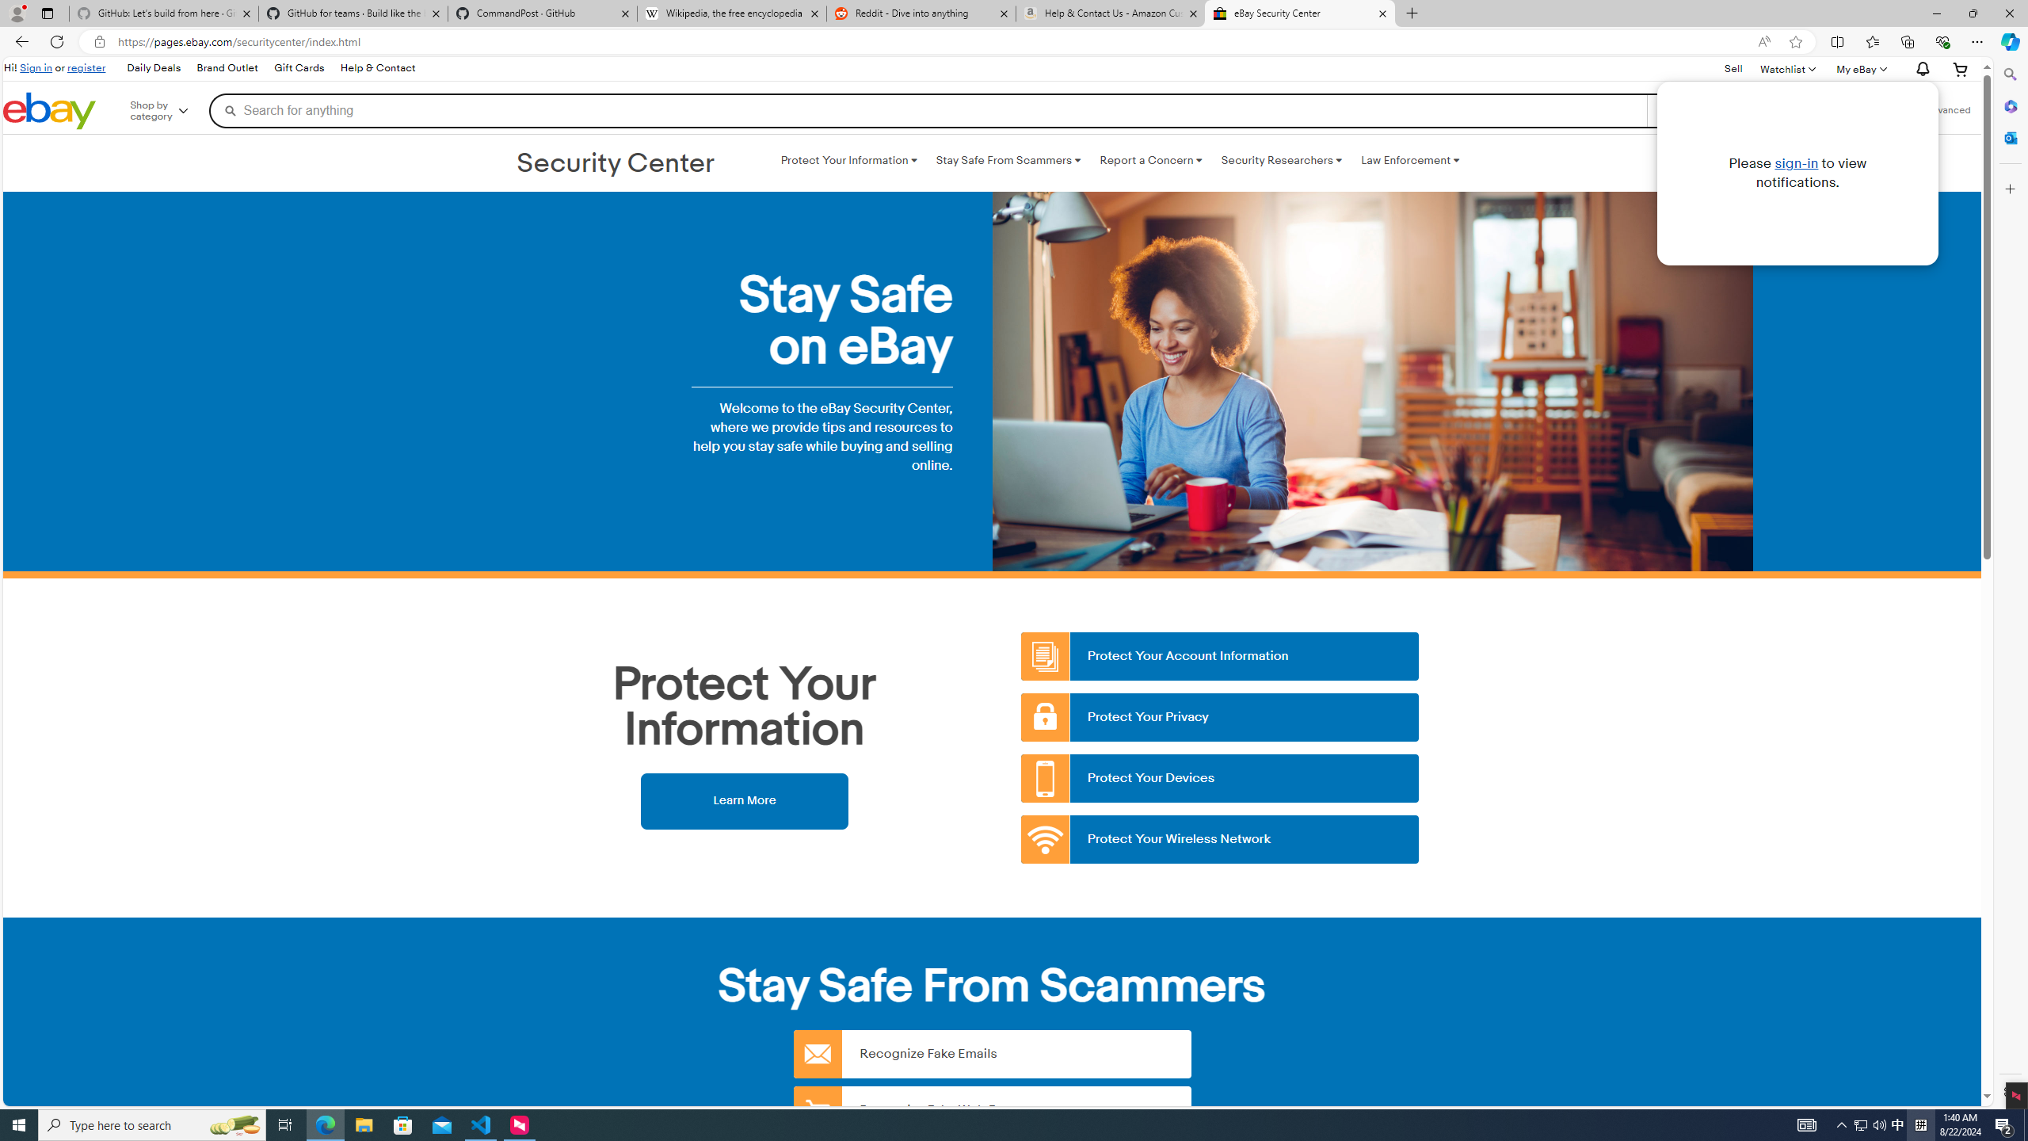 Image resolution: width=2028 pixels, height=1141 pixels. I want to click on 'Help & Contact Us - Amazon Customer Service - Sleeping', so click(1111, 13).